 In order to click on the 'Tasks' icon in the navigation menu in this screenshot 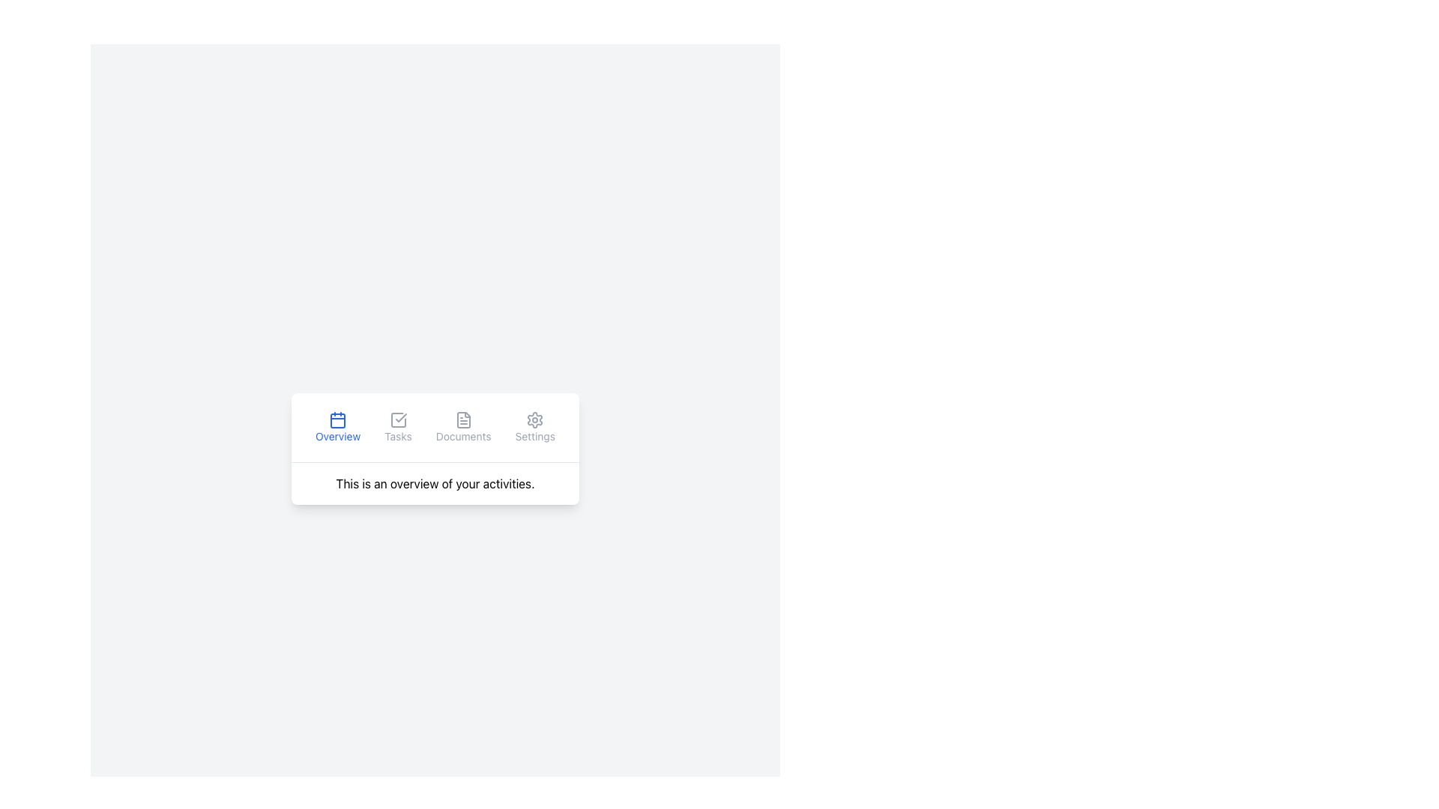, I will do `click(398, 419)`.